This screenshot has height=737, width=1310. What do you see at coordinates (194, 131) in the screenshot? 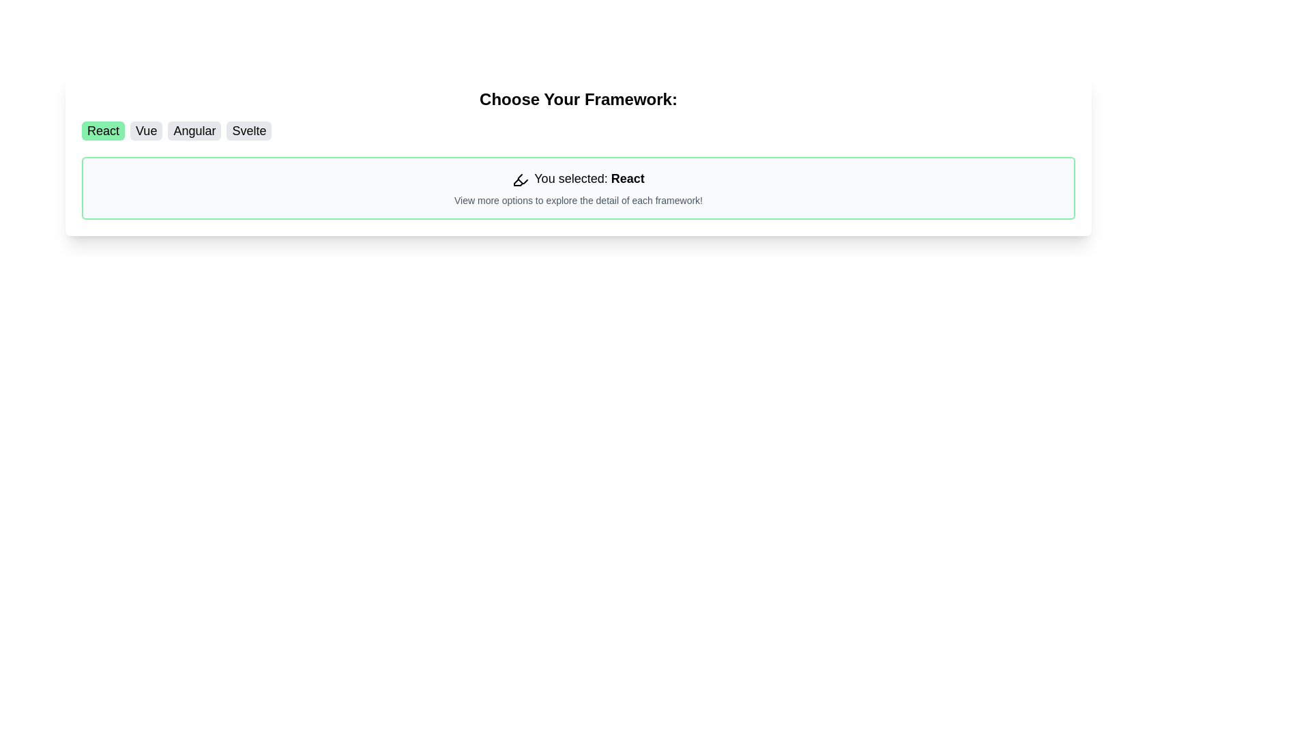
I see `the third button labeled 'Angular' in the horizontal selection interface` at bounding box center [194, 131].